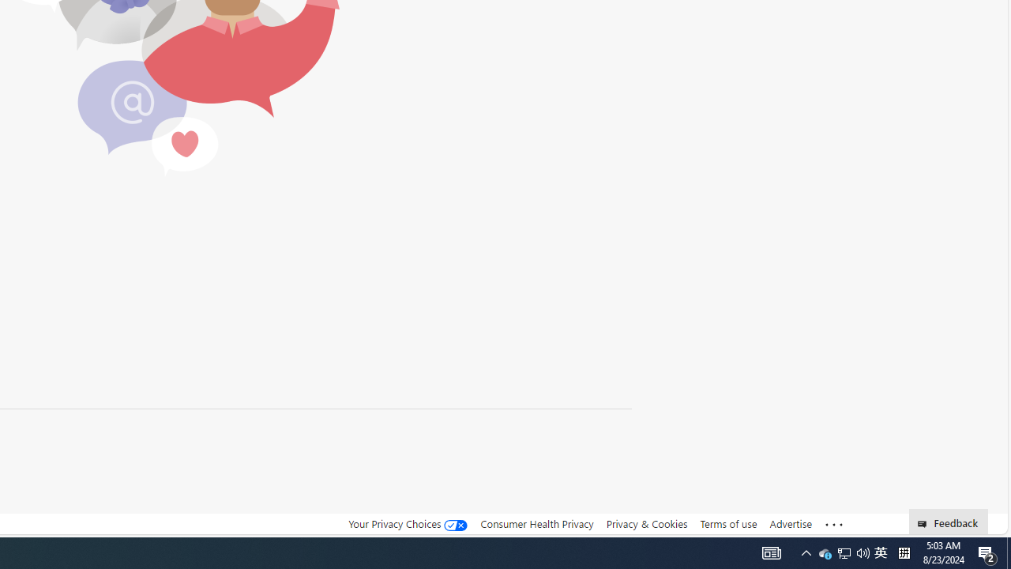  What do you see at coordinates (408, 524) in the screenshot?
I see `'Your Privacy Choices'` at bounding box center [408, 524].